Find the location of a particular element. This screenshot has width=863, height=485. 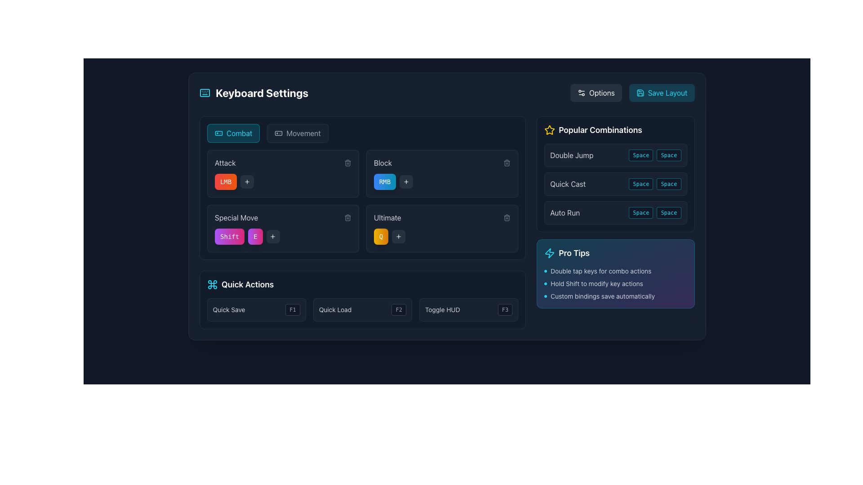

the 'Attack' button in the combat section of the keyboard settings is located at coordinates (282, 173).